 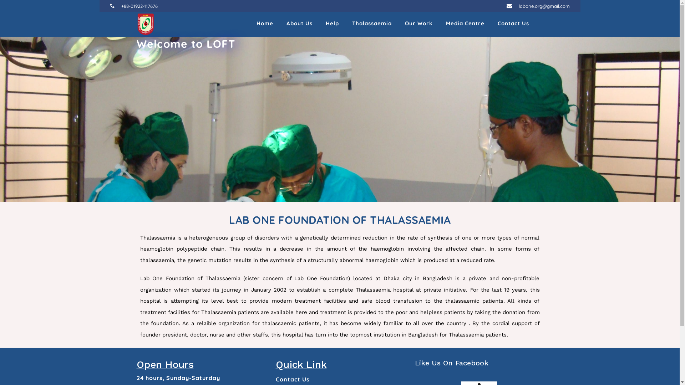 What do you see at coordinates (418, 24) in the screenshot?
I see `'Our Work'` at bounding box center [418, 24].